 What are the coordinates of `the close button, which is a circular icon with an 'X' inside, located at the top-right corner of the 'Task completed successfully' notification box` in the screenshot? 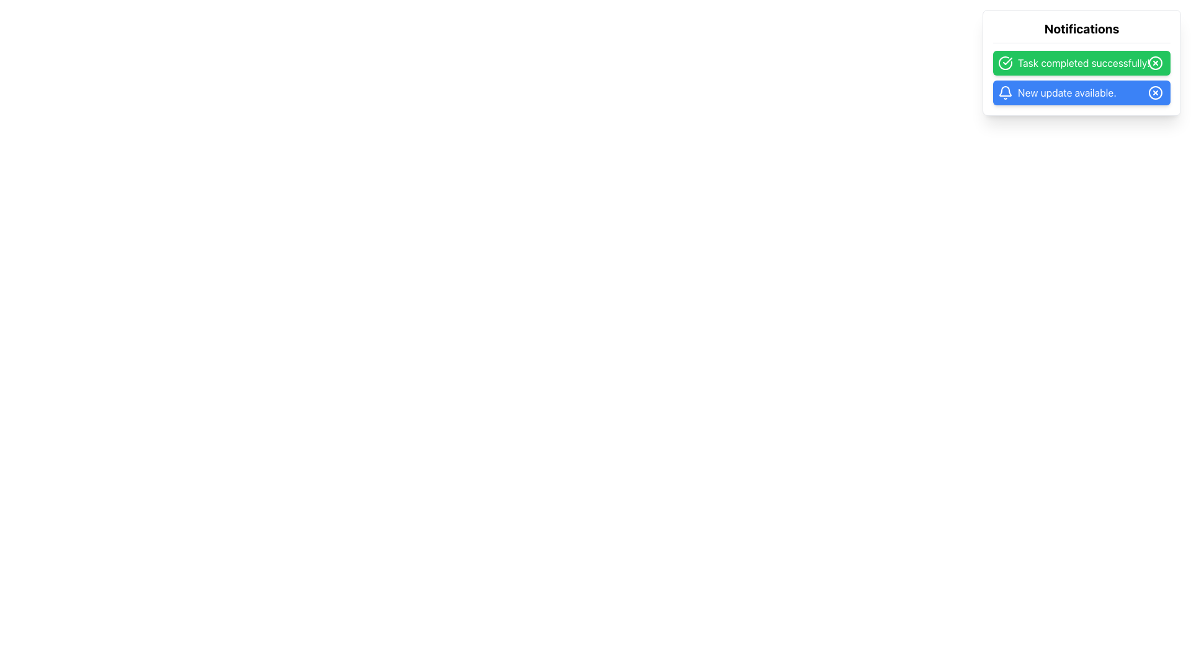 It's located at (1154, 63).